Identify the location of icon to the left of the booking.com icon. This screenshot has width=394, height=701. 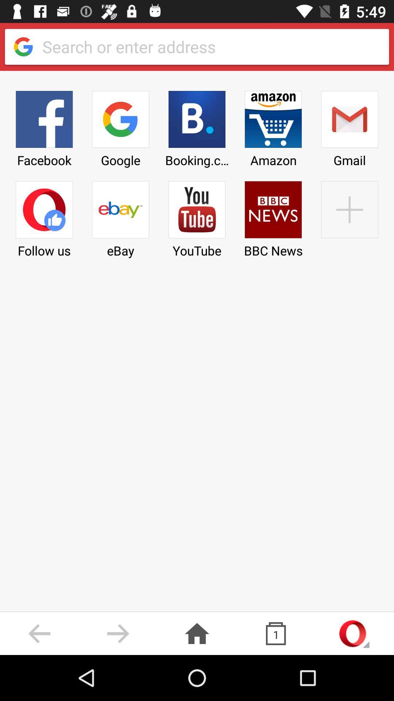
(120, 126).